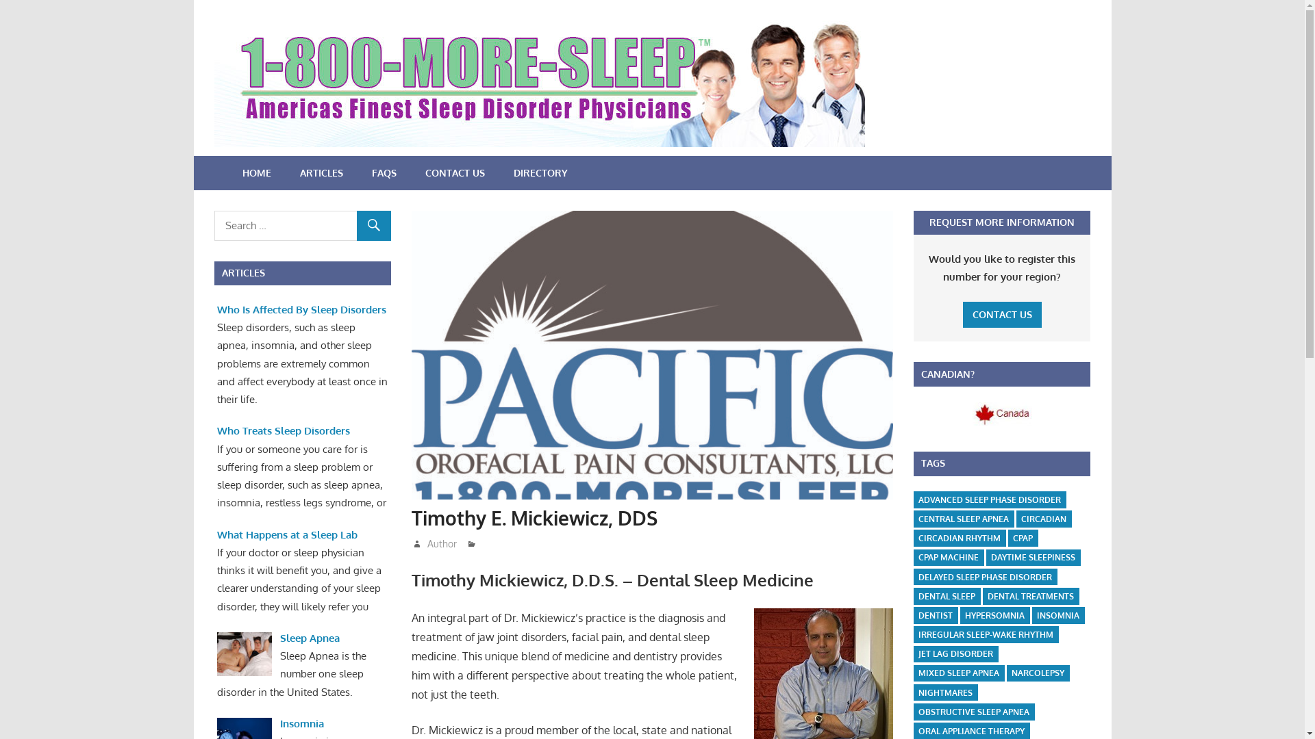 The image size is (1315, 739). Describe the element at coordinates (914, 500) in the screenshot. I see `'ADVANCED SLEEP PHASE DISORDER'` at that location.